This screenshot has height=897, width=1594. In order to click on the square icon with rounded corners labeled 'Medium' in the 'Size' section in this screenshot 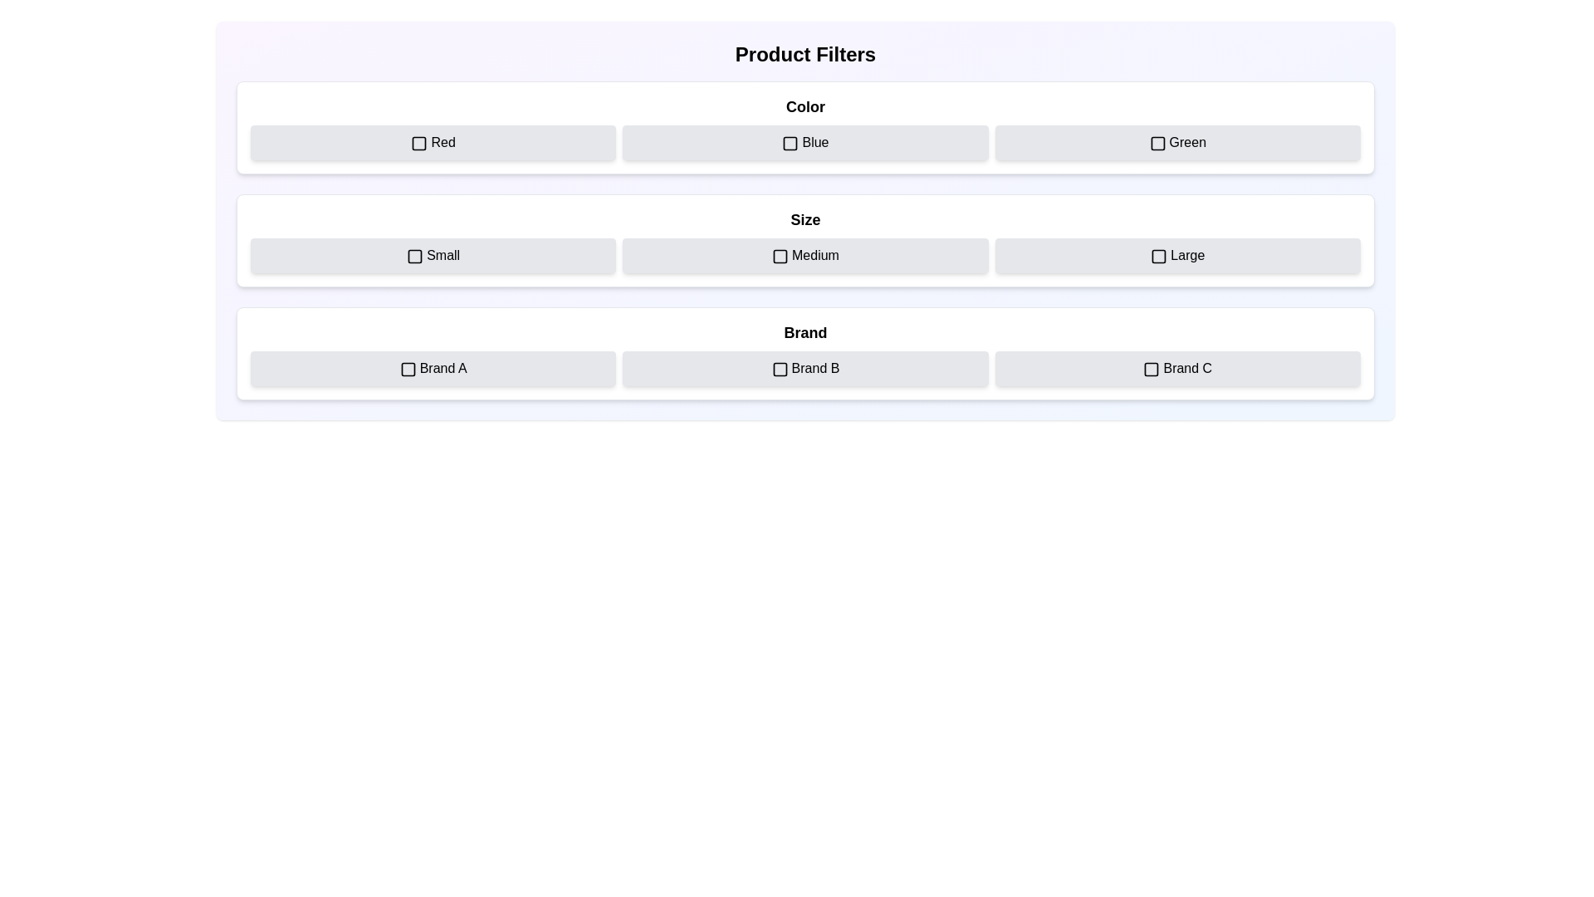, I will do `click(780, 256)`.